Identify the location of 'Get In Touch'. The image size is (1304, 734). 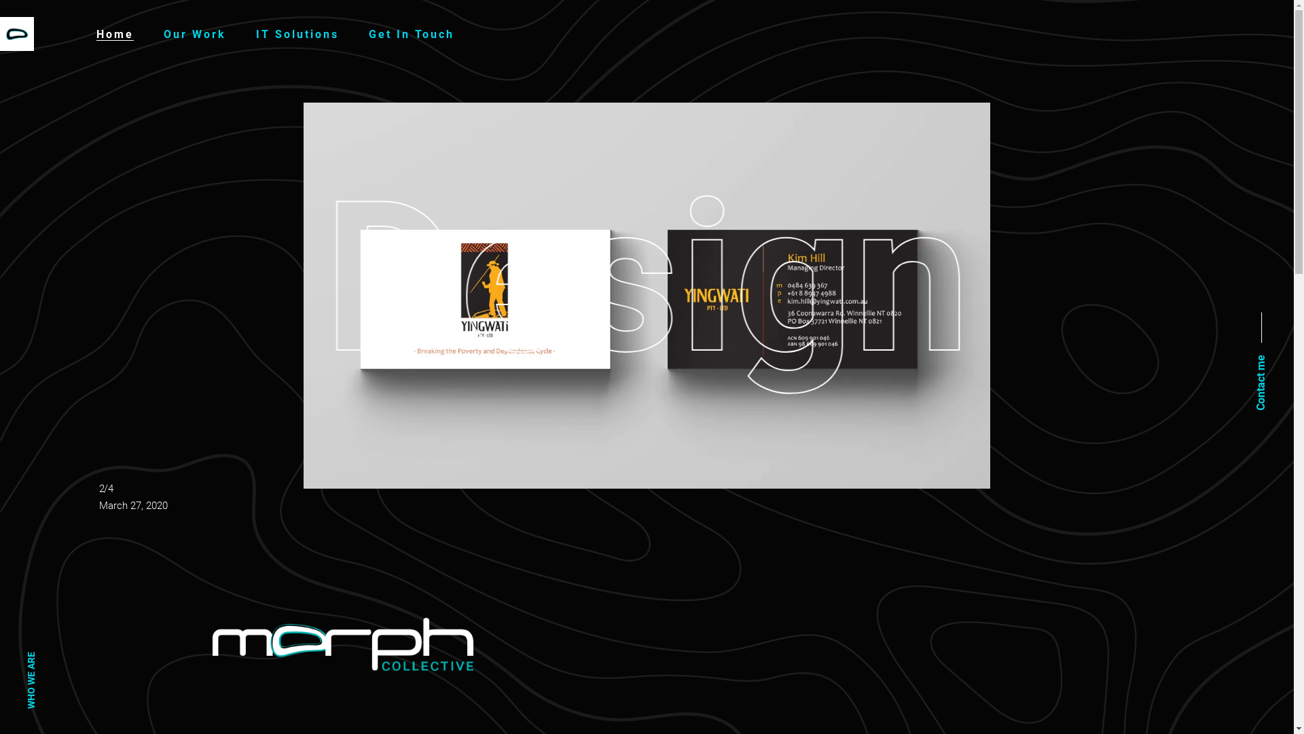
(410, 33).